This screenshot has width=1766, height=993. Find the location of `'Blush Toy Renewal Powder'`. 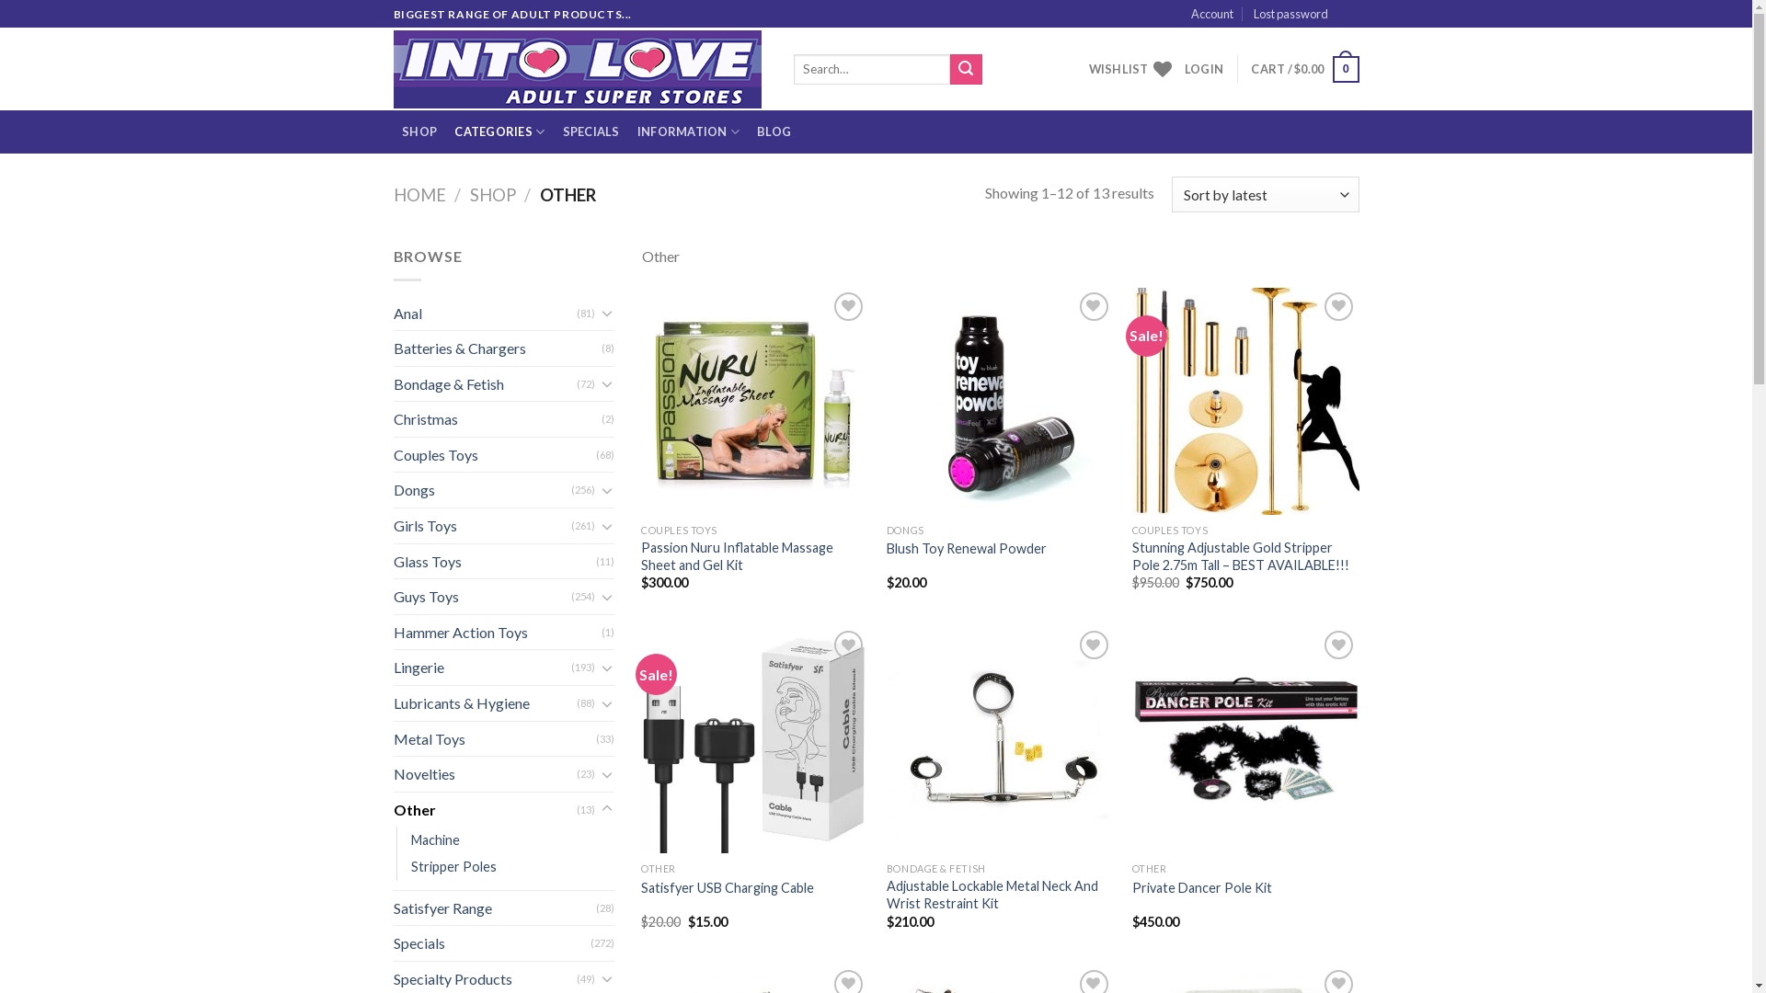

'Blush Toy Renewal Powder' is located at coordinates (966, 548).